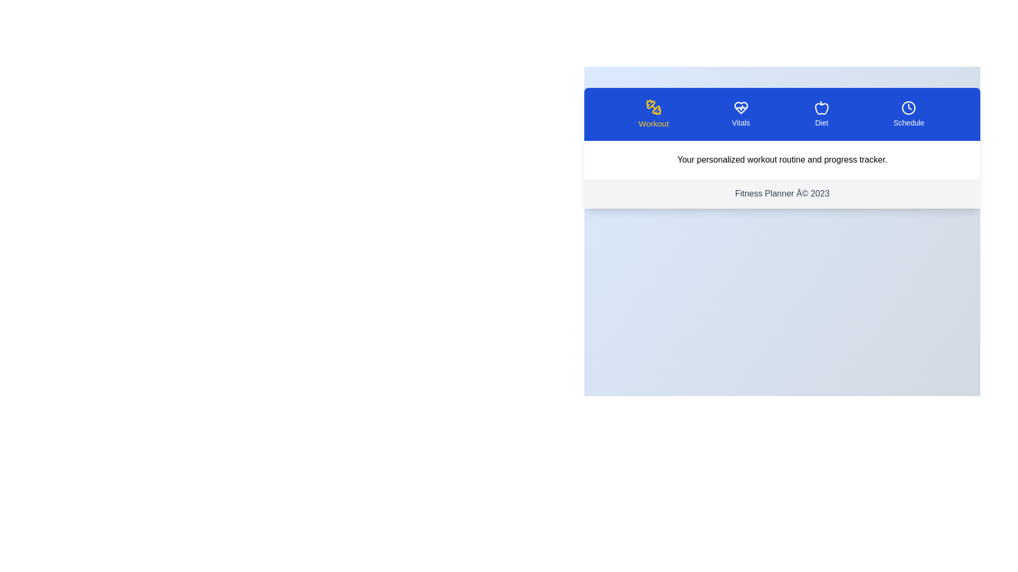 The height and width of the screenshot is (572, 1018). What do you see at coordinates (908, 114) in the screenshot?
I see `the tab labeled Schedule to view its content` at bounding box center [908, 114].